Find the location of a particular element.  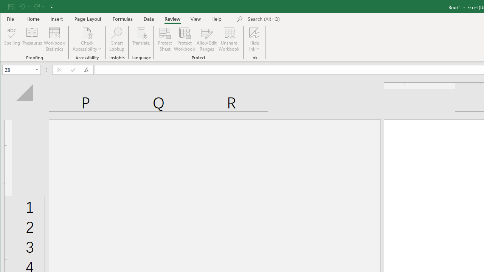

'Protect Sheet...' is located at coordinates (164, 39).